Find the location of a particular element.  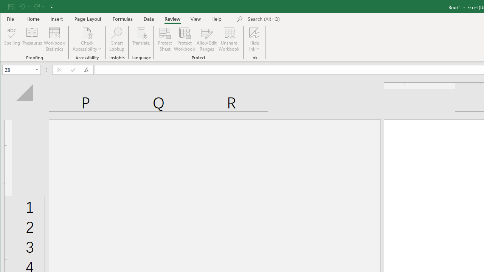

'Protect Sheet...' is located at coordinates (164, 39).